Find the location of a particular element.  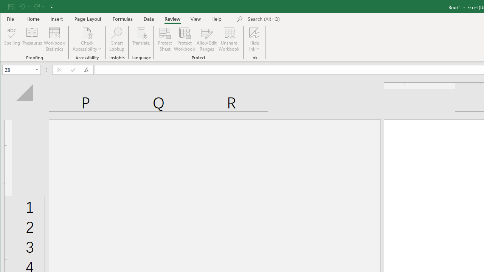

'Protect Sheet...' is located at coordinates (164, 39).